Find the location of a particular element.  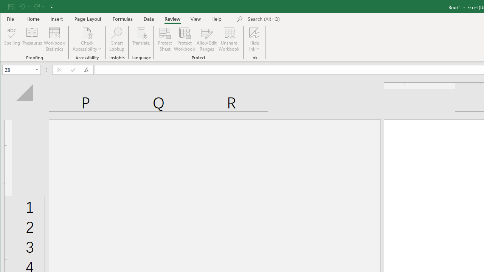

'Protect Sheet...' is located at coordinates (164, 39).